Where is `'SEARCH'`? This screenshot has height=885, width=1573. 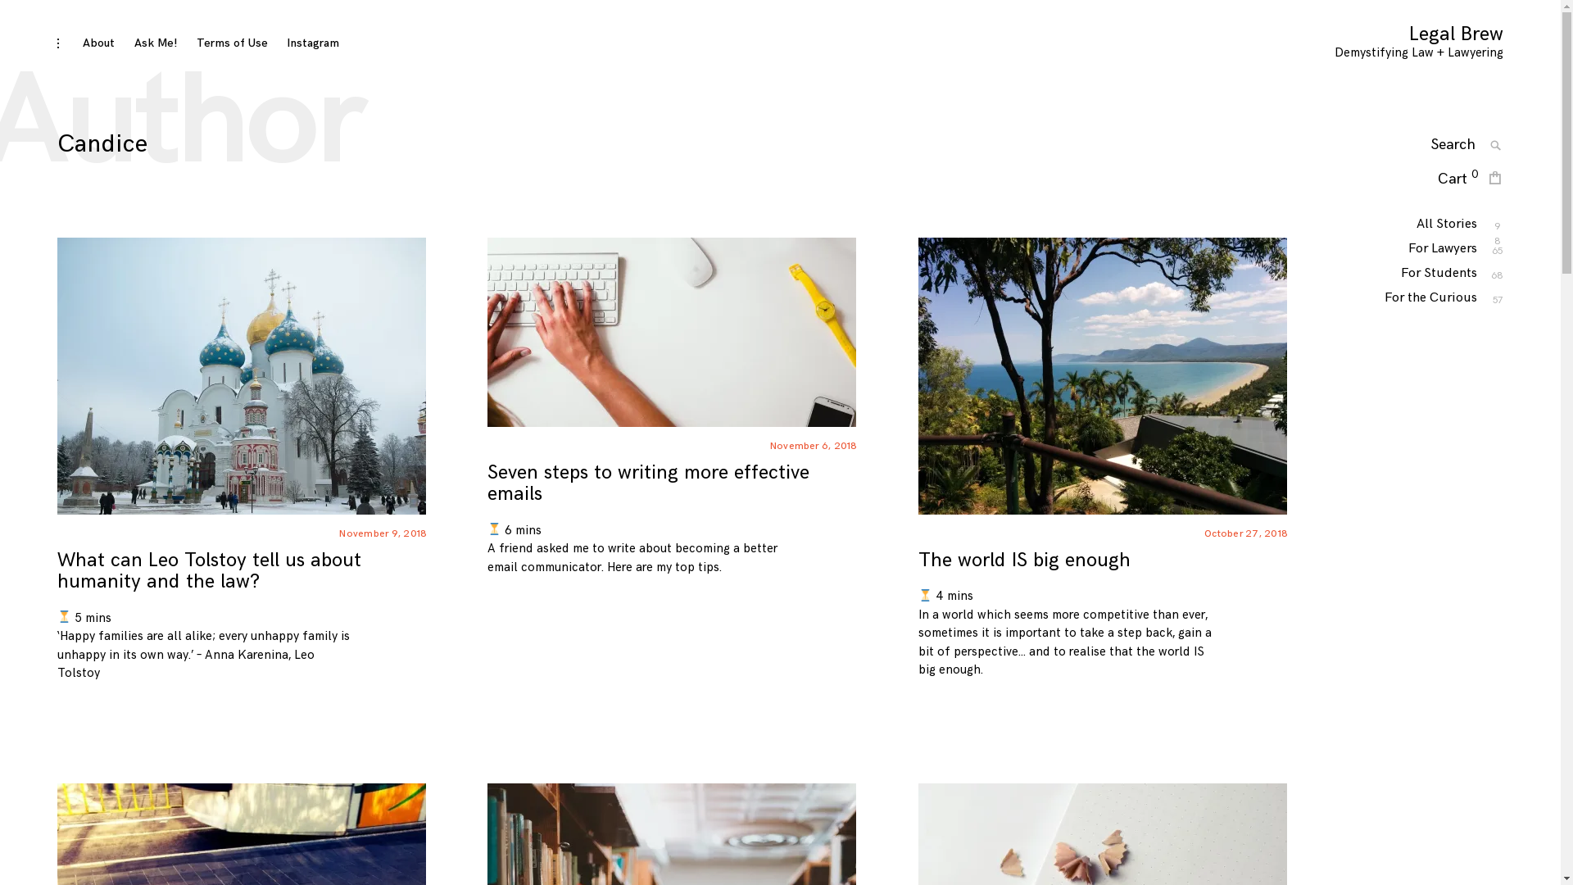
'SEARCH' is located at coordinates (1495, 145).